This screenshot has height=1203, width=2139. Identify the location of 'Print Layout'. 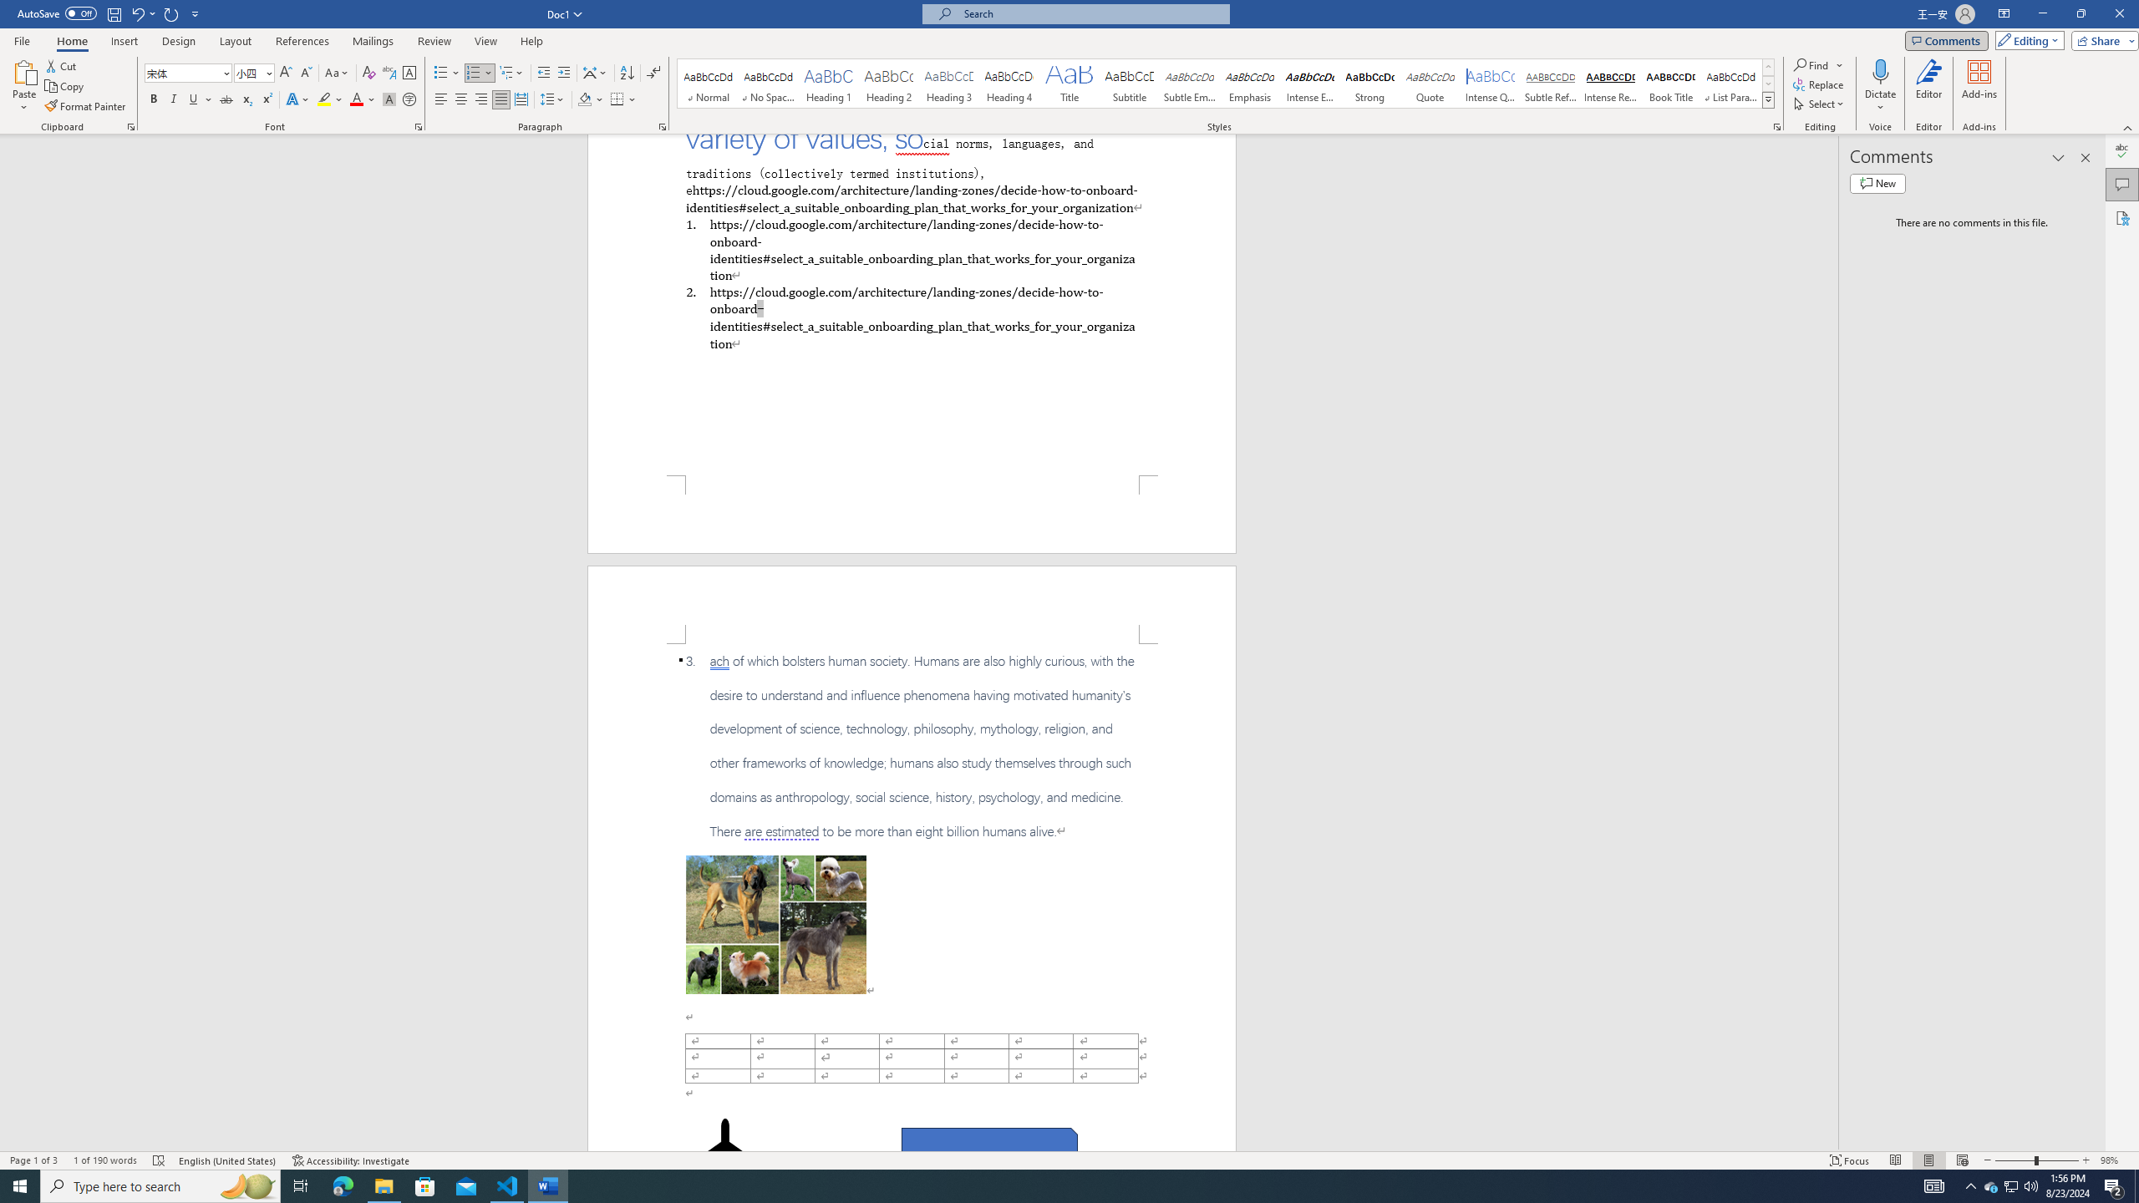
(1928, 1160).